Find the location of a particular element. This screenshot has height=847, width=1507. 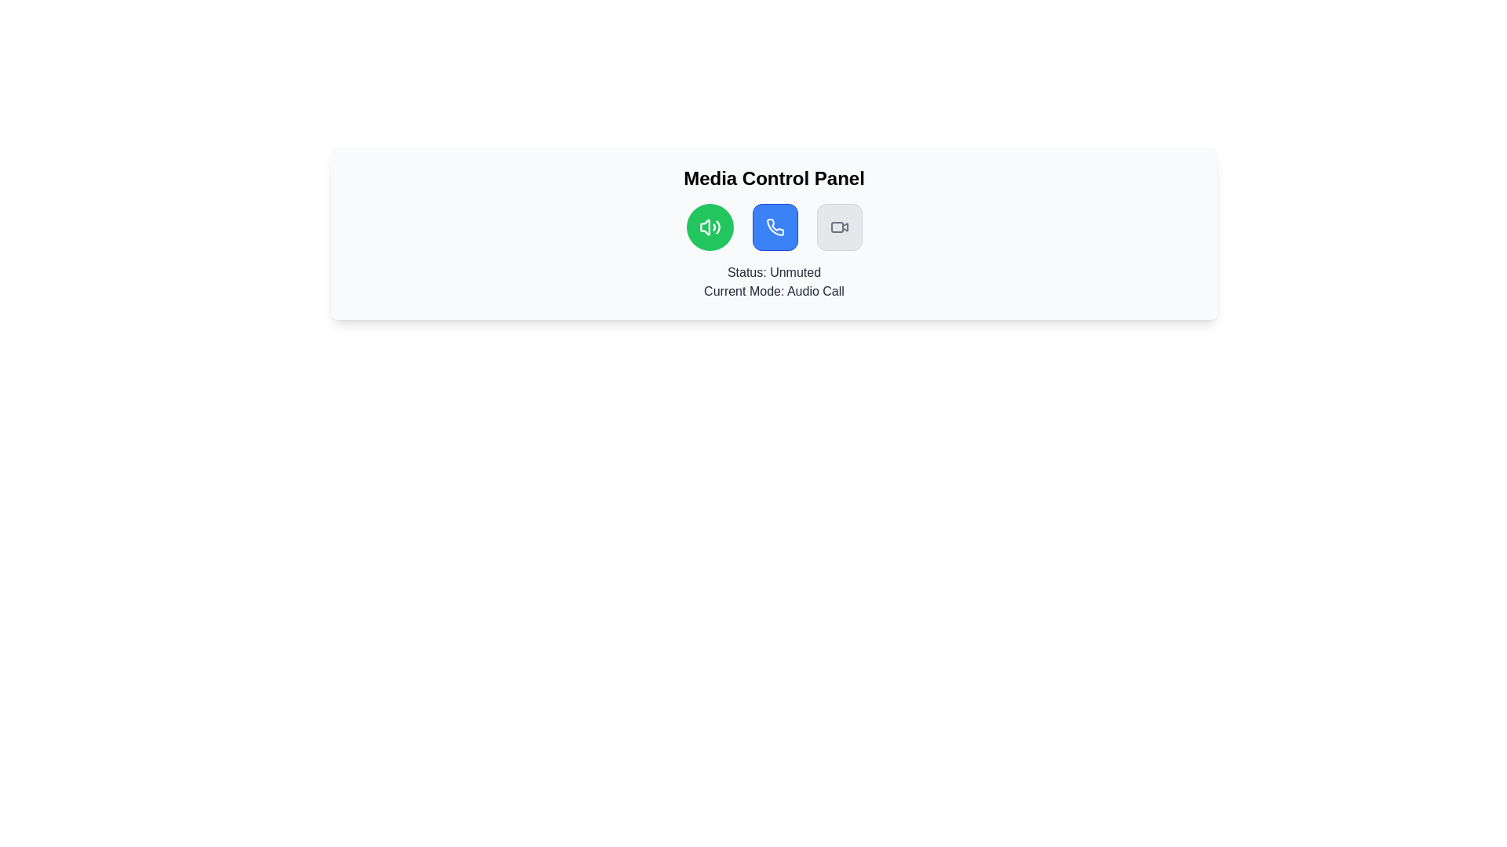

the video camera icon located within the third button on the right side of a horizontal set of three buttons is located at coordinates (838, 227).